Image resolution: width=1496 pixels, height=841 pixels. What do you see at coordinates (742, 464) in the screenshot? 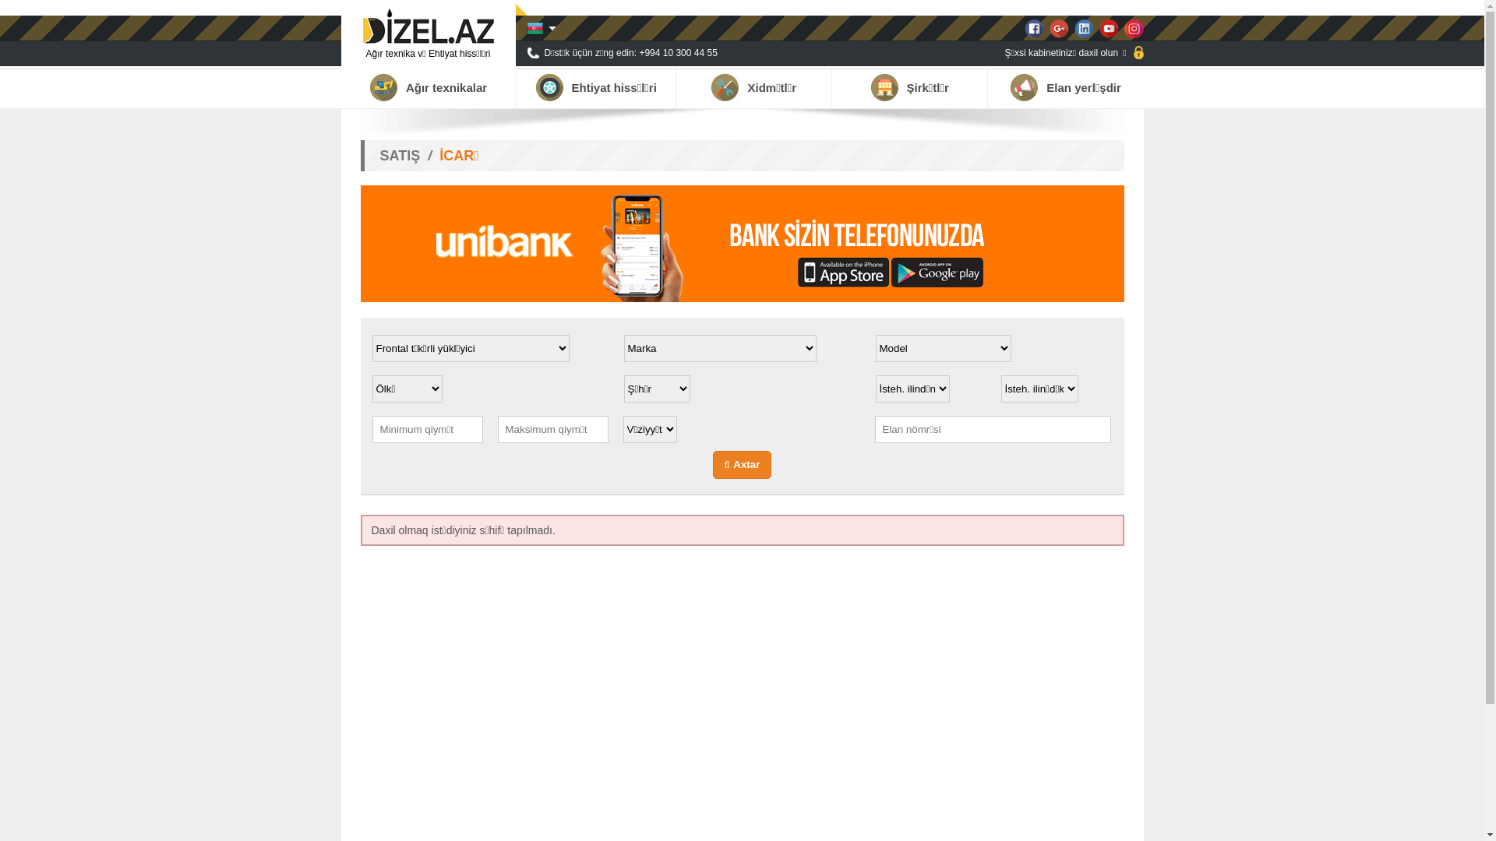
I see `'Axtar'` at bounding box center [742, 464].